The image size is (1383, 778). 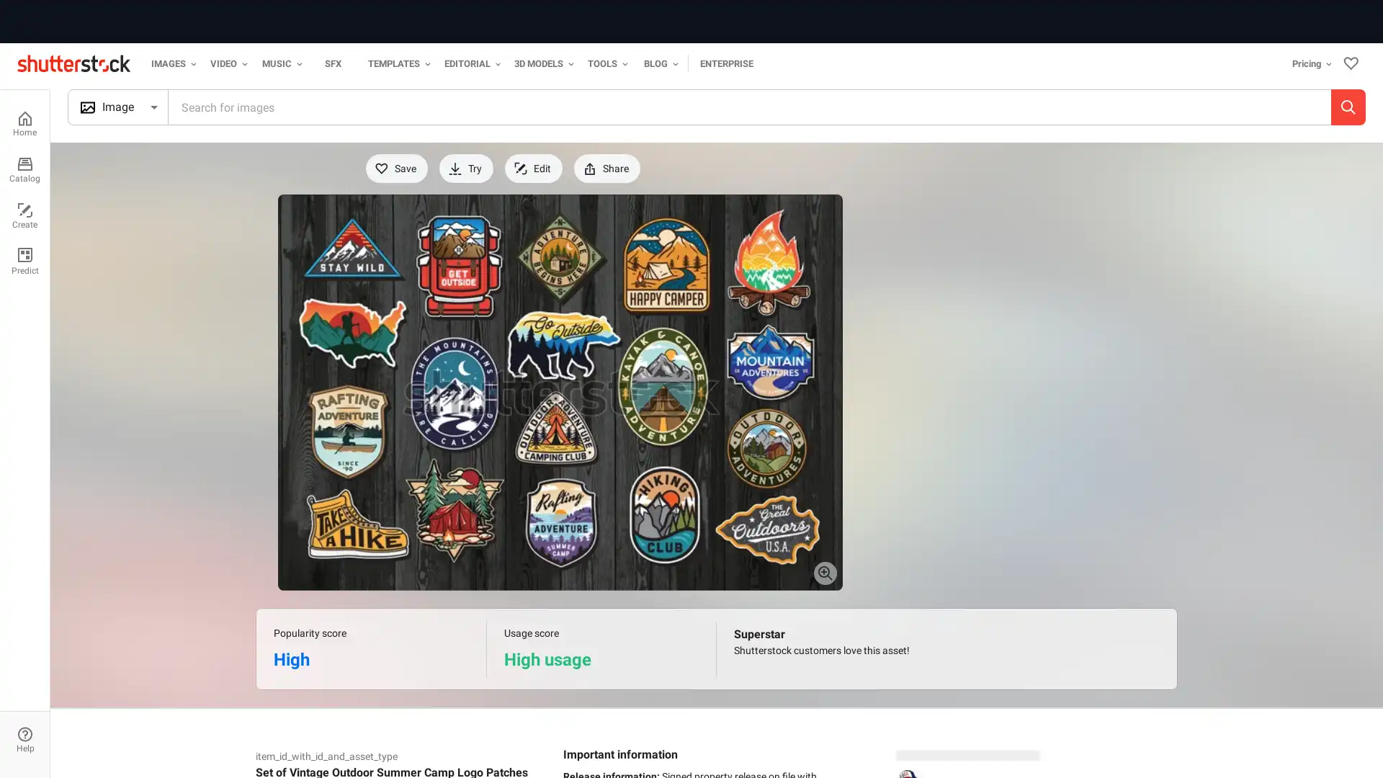 What do you see at coordinates (279, 63) in the screenshot?
I see `Music` at bounding box center [279, 63].